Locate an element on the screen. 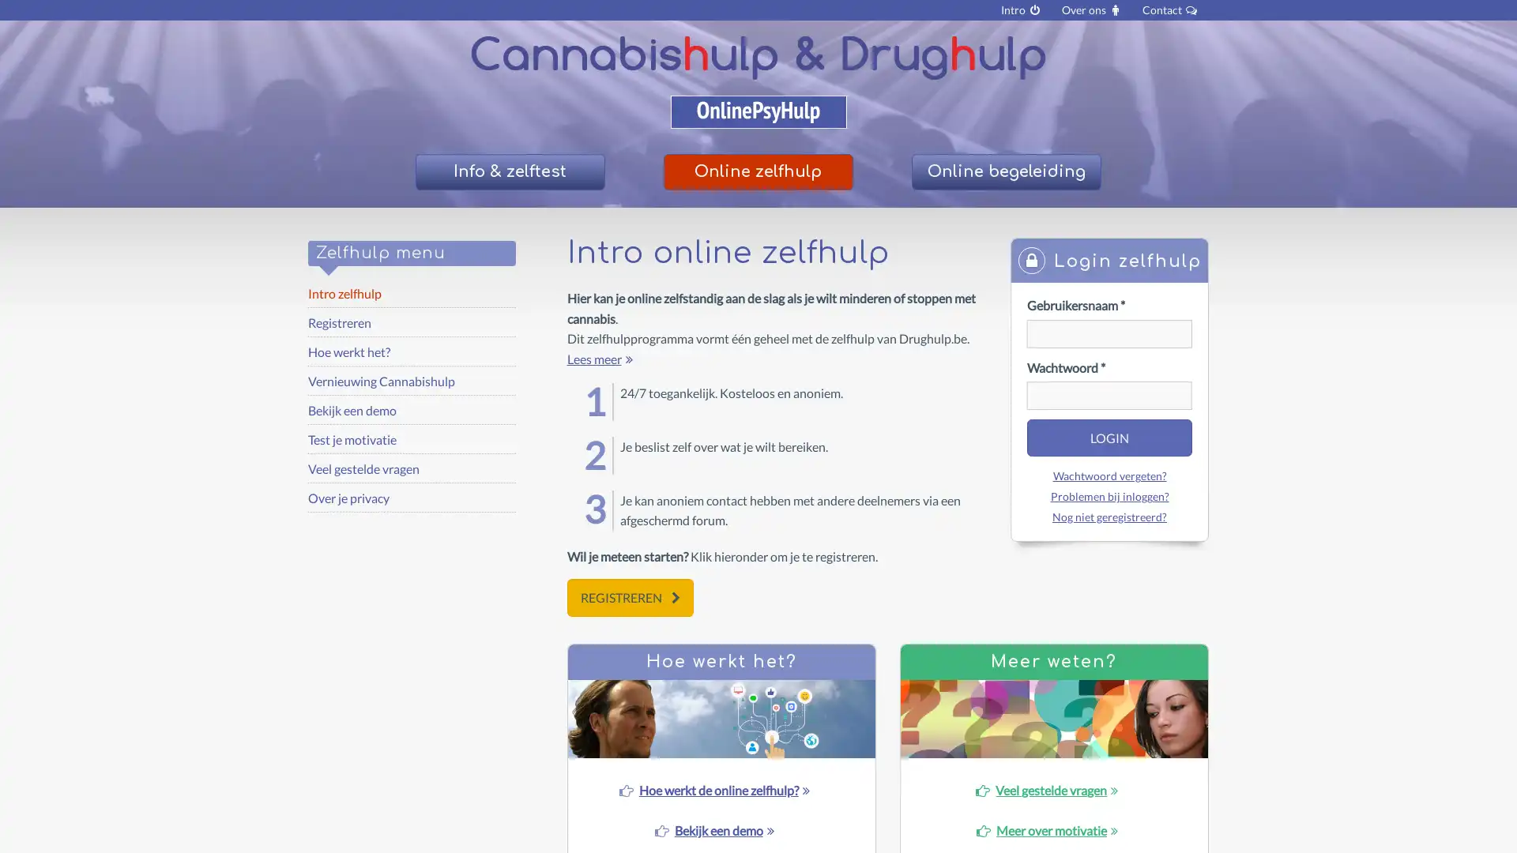 The height and width of the screenshot is (853, 1517). Online zelfhulp is located at coordinates (757, 173).